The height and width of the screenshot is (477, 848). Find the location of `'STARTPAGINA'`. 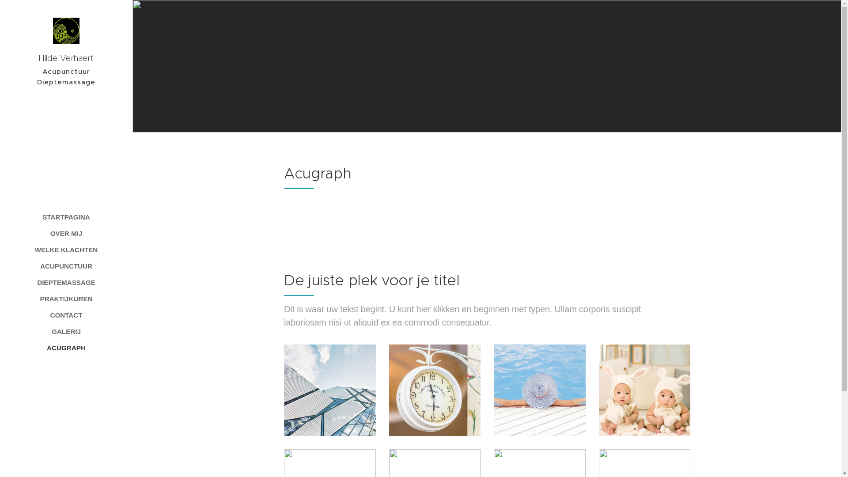

'STARTPAGINA' is located at coordinates (65, 217).